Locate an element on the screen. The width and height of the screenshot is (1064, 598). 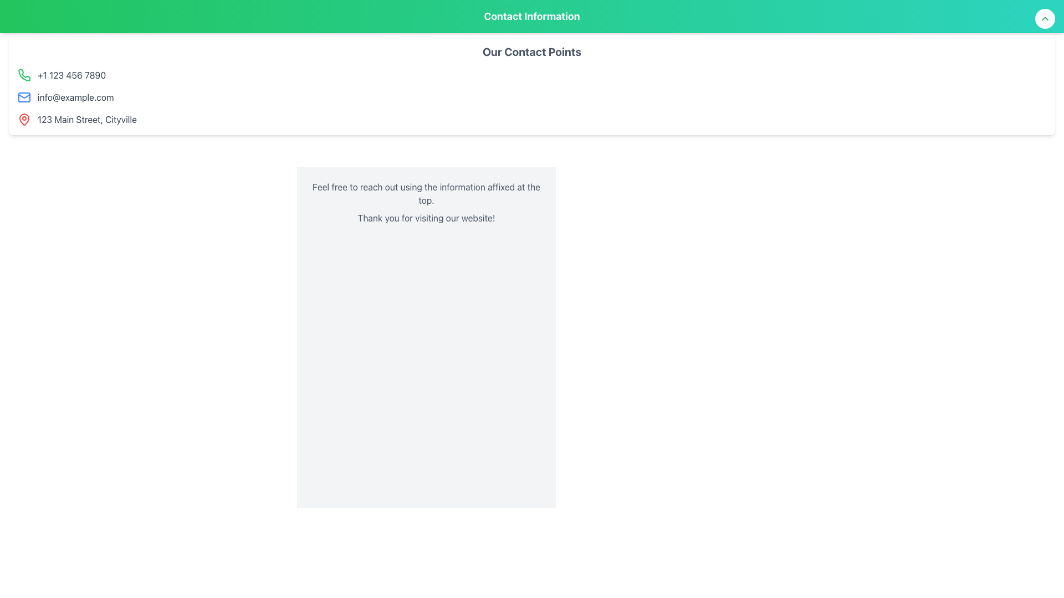
the Vector icon that visually represents a physical location, located immediately to the left of the address '123 Main Street, Cityville' in the lower section of the contact information list is located at coordinates (24, 120).